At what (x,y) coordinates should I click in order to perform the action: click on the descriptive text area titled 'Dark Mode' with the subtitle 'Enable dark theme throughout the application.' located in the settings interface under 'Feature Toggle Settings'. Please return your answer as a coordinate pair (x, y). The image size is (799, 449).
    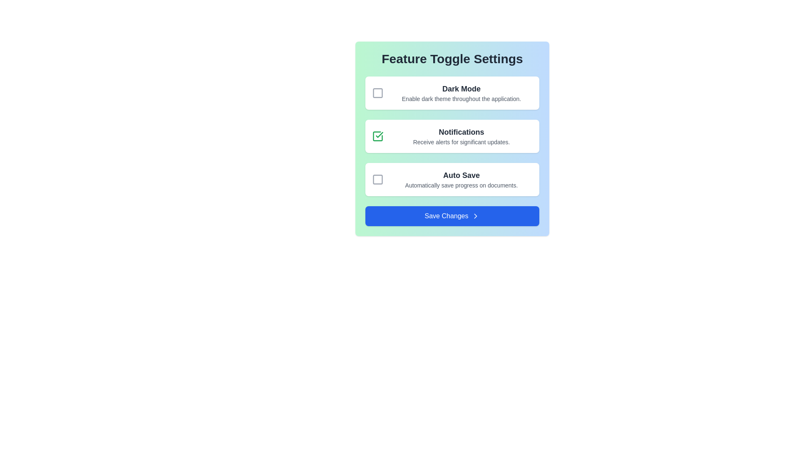
    Looking at the image, I should click on (461, 93).